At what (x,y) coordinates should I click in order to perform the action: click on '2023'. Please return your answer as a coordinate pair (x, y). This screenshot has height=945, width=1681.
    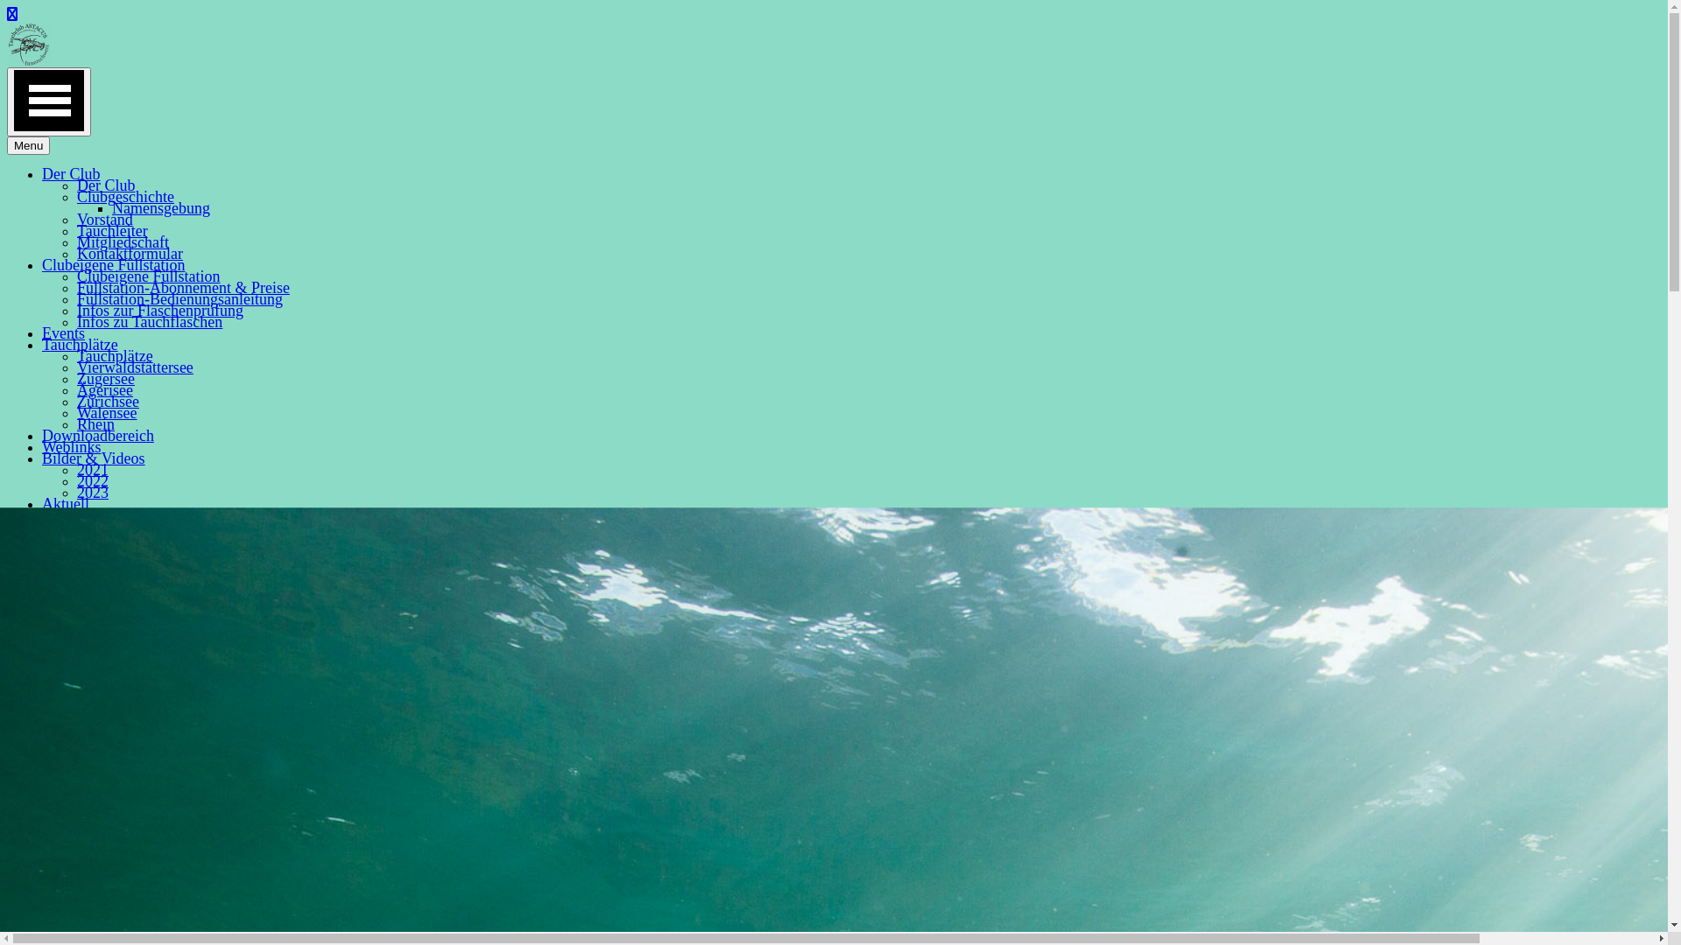
    Looking at the image, I should click on (91, 493).